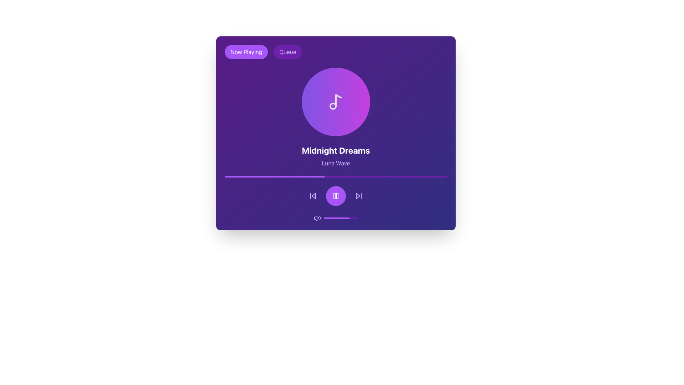  I want to click on the music player track element displaying 'Midnight Dreams' by 'Luna Wave' to play or pause the track, so click(335, 144).